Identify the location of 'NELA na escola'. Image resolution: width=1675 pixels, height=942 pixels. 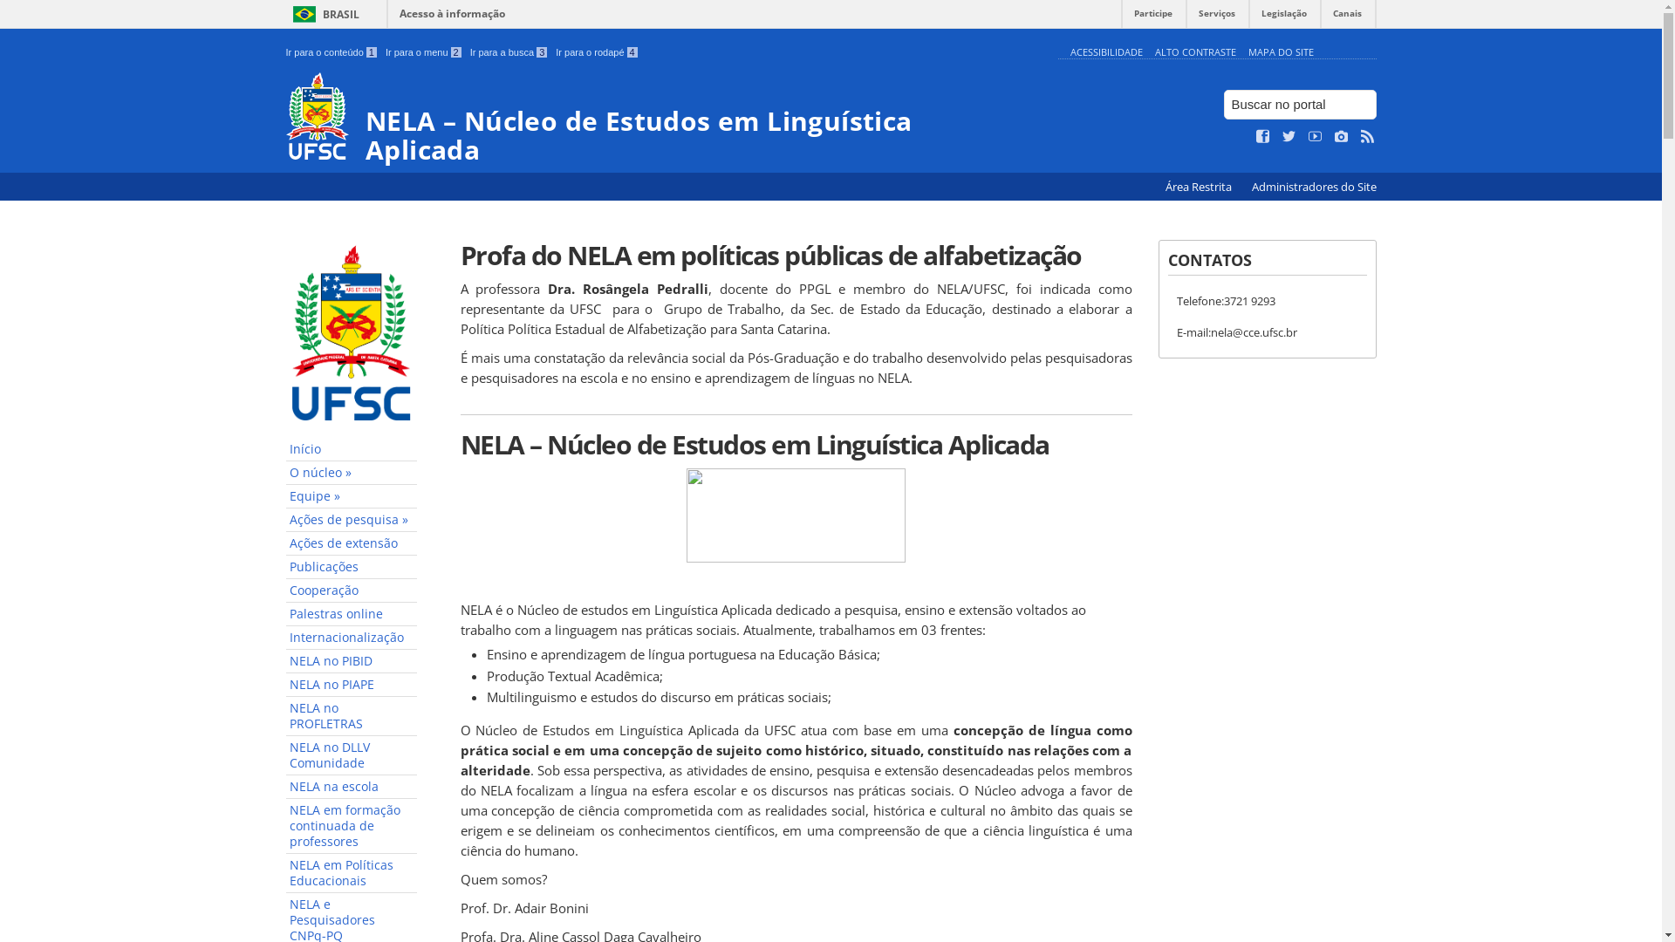
(351, 787).